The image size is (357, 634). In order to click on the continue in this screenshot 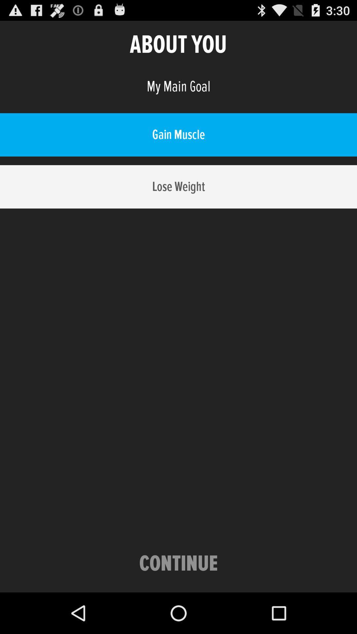, I will do `click(178, 564)`.